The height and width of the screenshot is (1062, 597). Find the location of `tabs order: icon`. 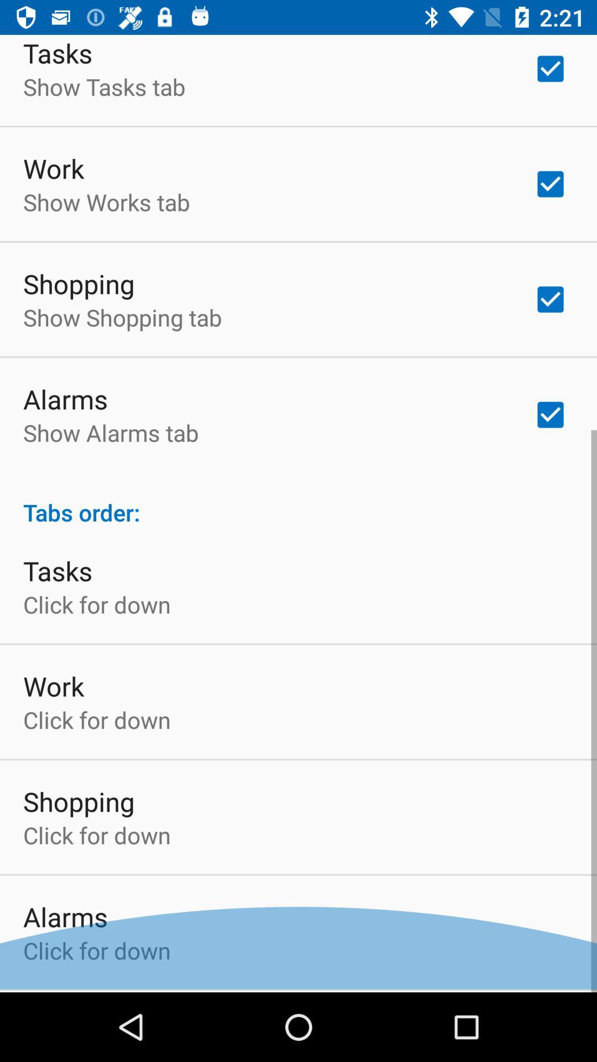

tabs order: icon is located at coordinates (298, 503).